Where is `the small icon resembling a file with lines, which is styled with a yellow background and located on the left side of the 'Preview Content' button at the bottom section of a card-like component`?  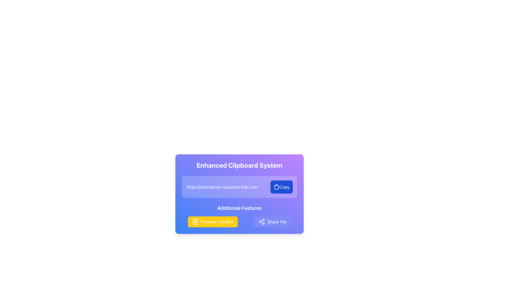
the small icon resembling a file with lines, which is styled with a yellow background and located on the left side of the 'Preview Content' button at the bottom section of a card-like component is located at coordinates (195, 222).